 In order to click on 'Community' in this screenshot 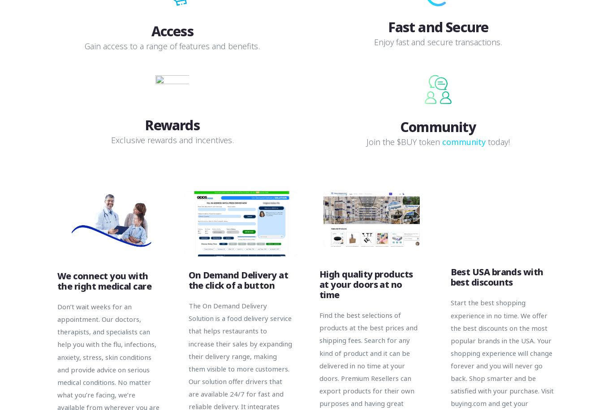, I will do `click(438, 127)`.